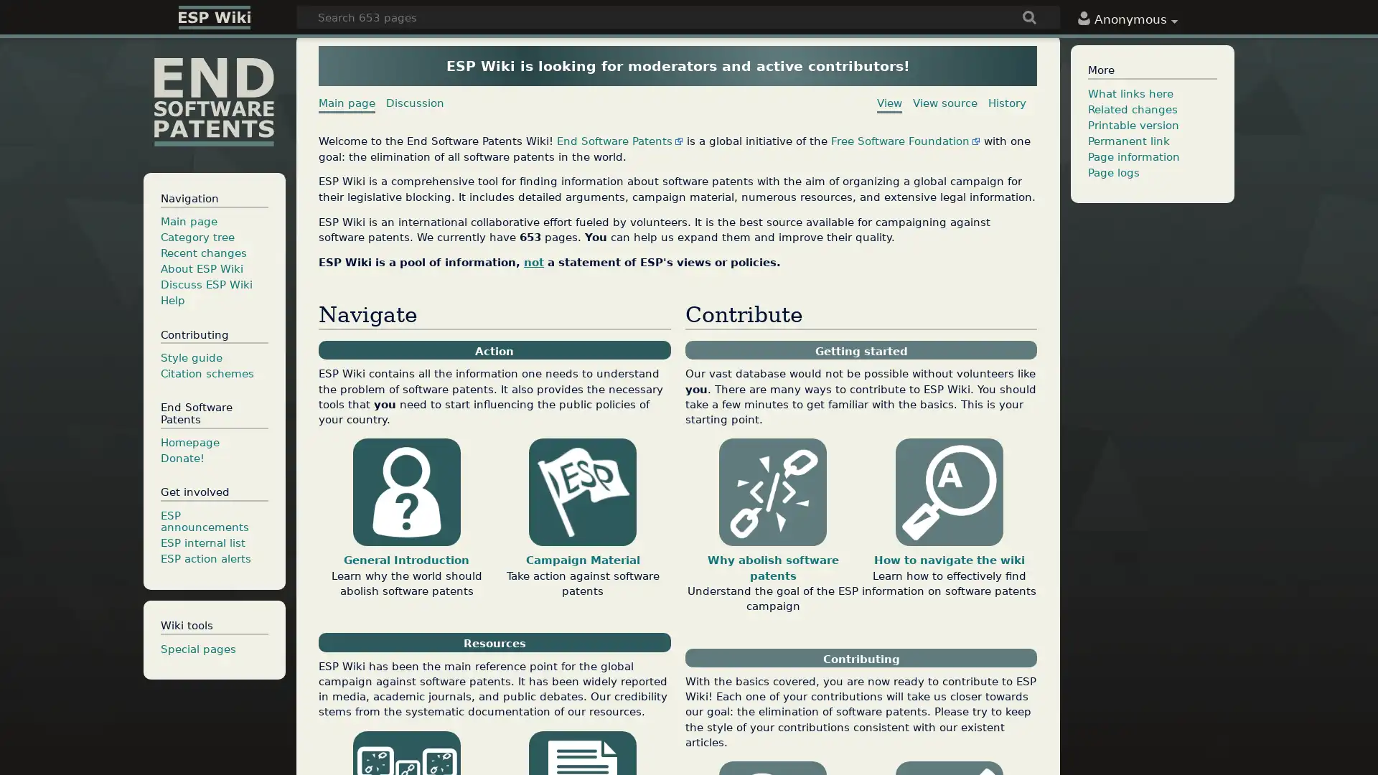 This screenshot has height=775, width=1378. What do you see at coordinates (1029, 19) in the screenshot?
I see `Go` at bounding box center [1029, 19].